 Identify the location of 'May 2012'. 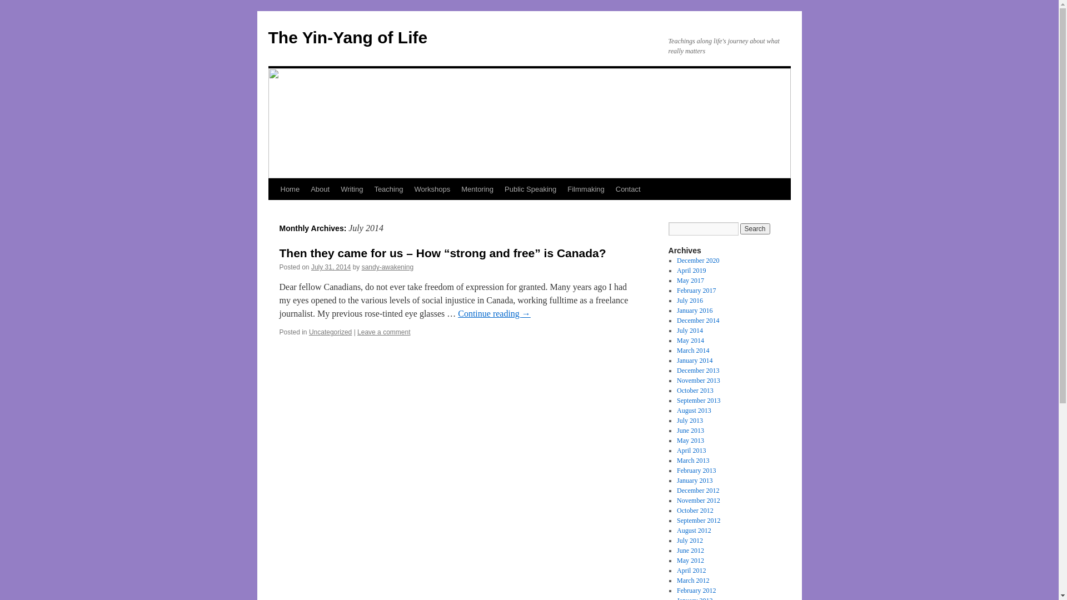
(690, 561).